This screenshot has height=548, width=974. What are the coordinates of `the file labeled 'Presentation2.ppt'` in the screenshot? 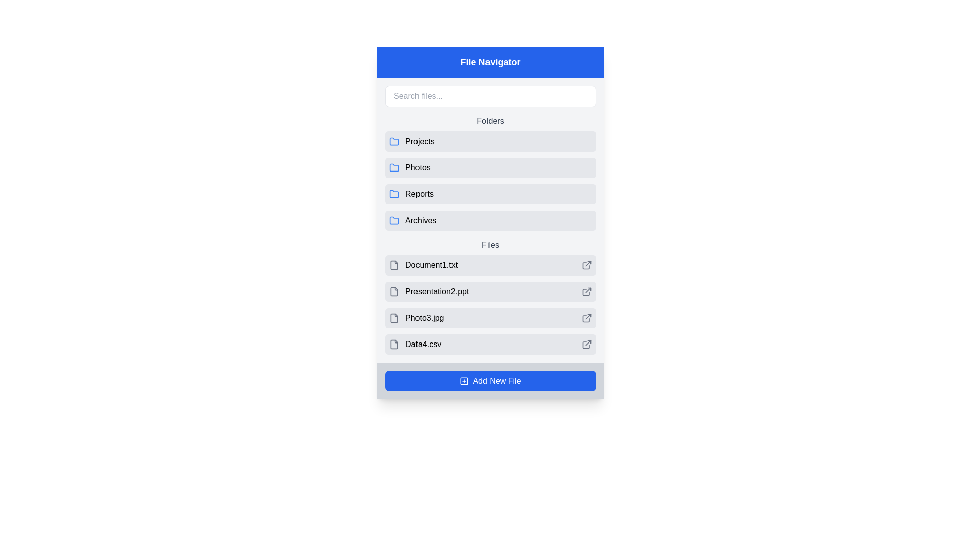 It's located at (429, 291).